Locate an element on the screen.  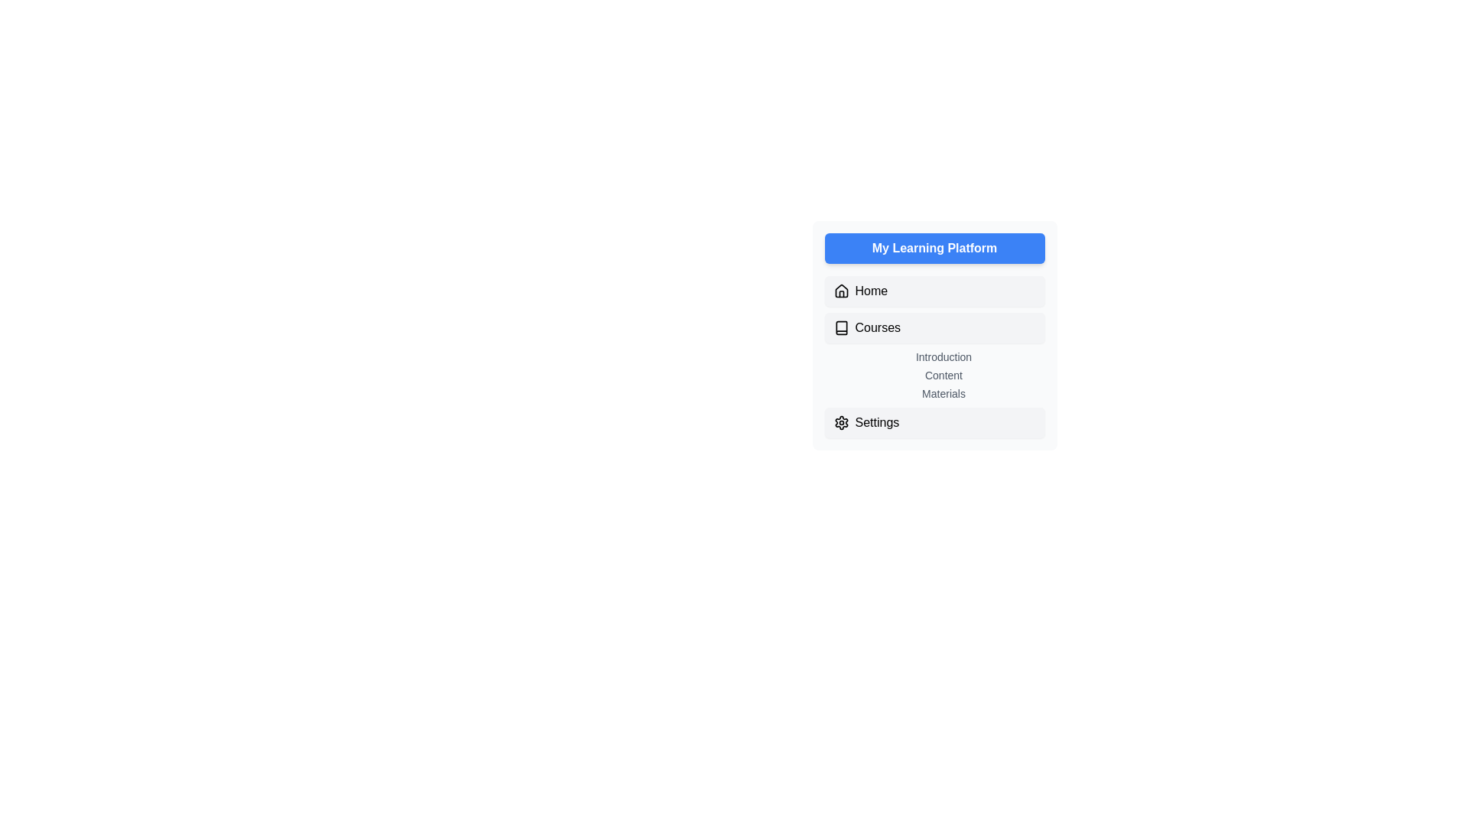
the second navigation item in the vertical menu is located at coordinates (934, 327).